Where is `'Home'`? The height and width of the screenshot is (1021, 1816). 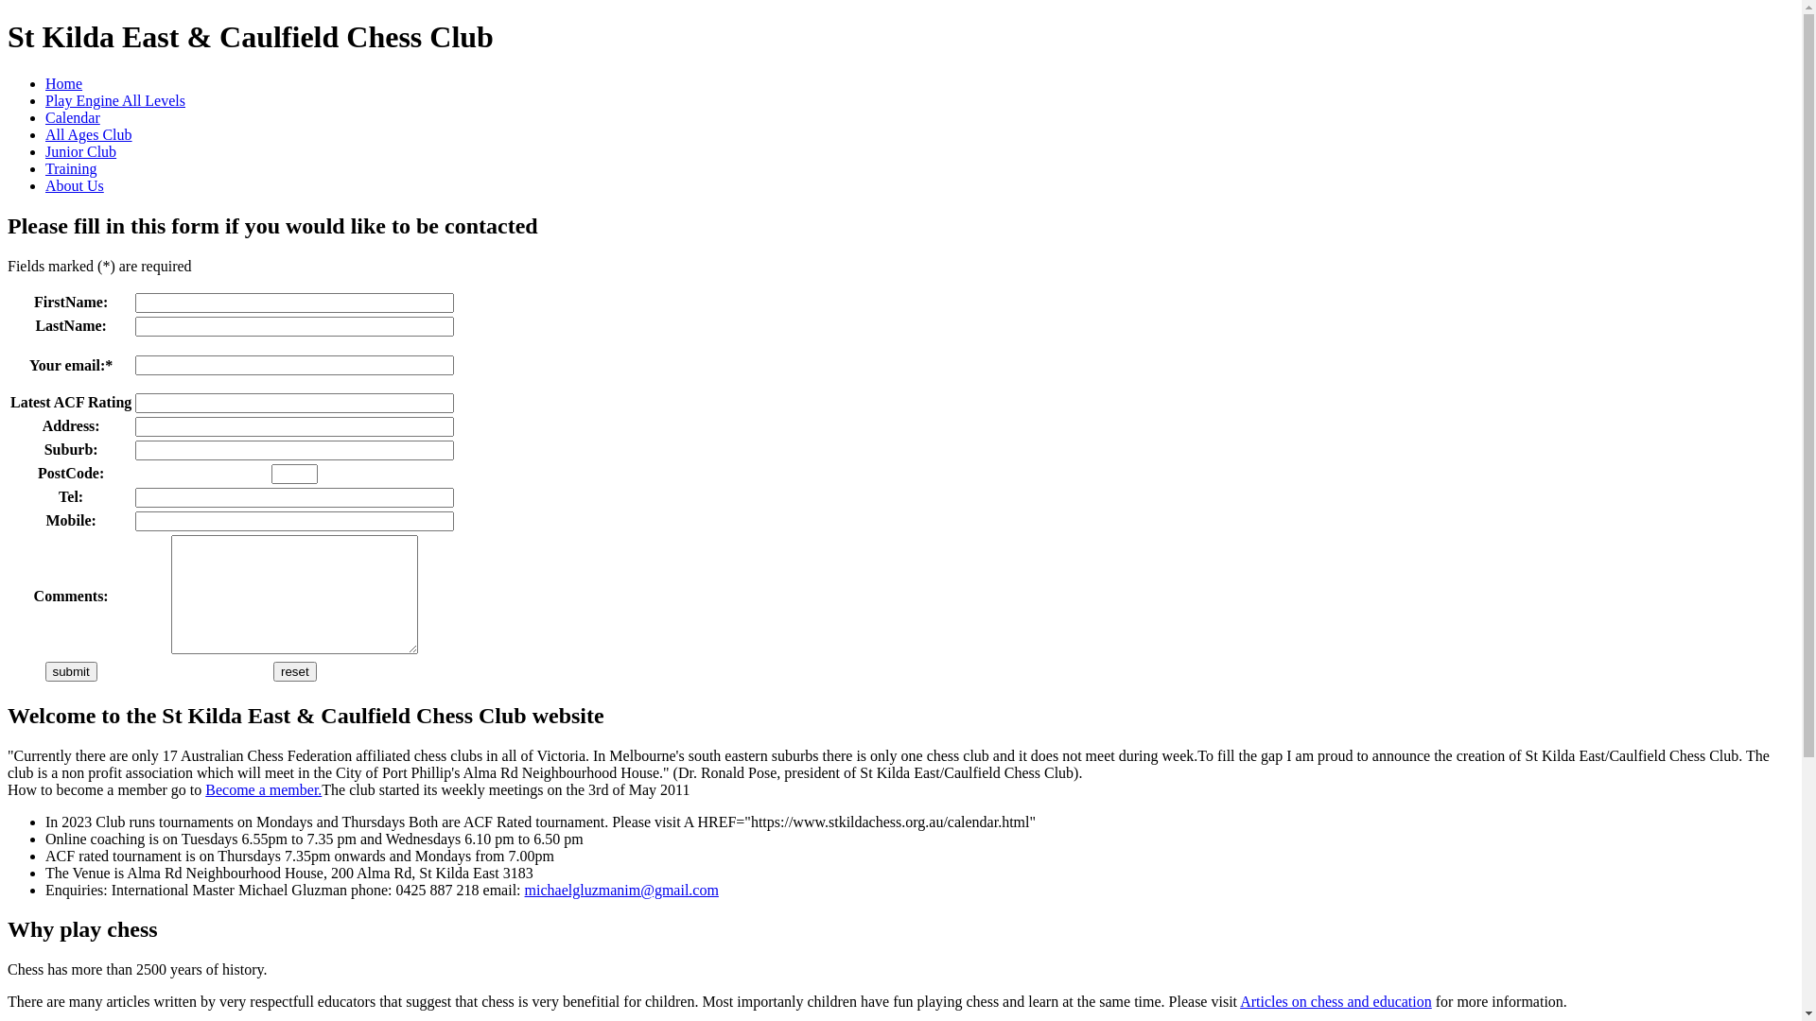
'Home' is located at coordinates (63, 82).